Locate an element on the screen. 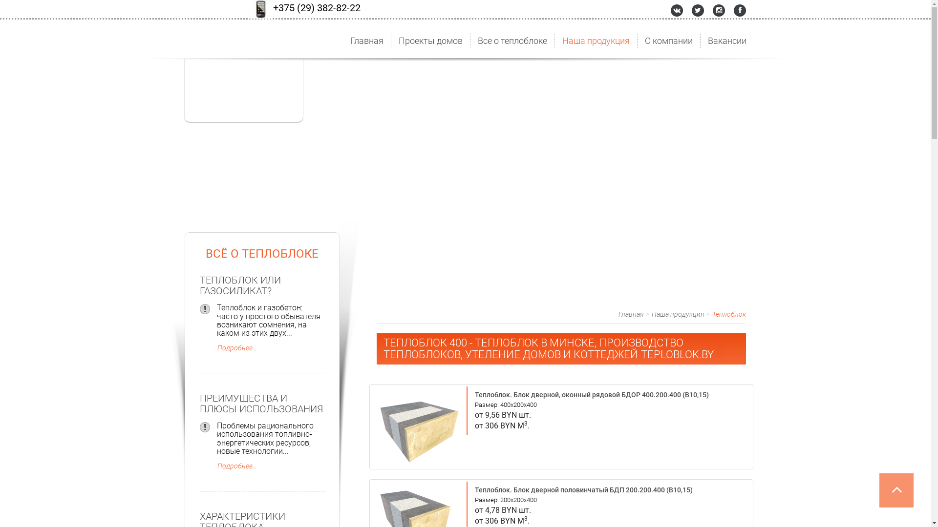 Image resolution: width=938 pixels, height=527 pixels. 'Vkontakte' is located at coordinates (670, 10).